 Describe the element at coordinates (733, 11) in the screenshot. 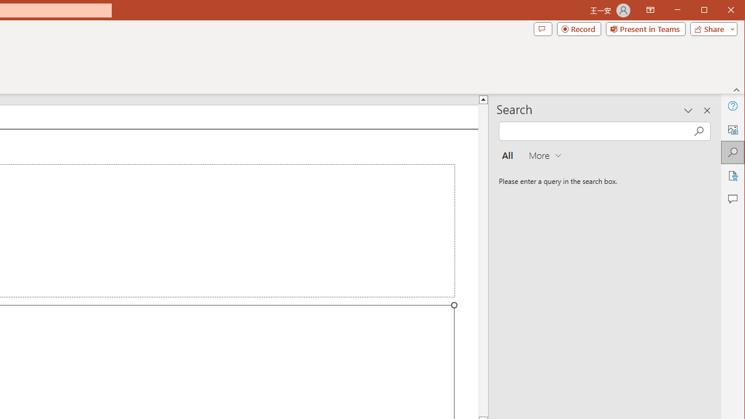

I see `'Close'` at that location.